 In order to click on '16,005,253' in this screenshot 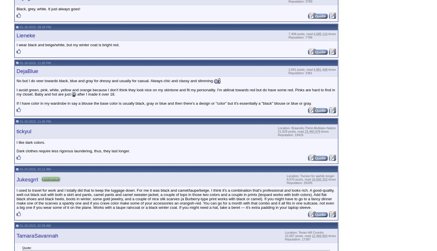, I will do `click(319, 179)`.